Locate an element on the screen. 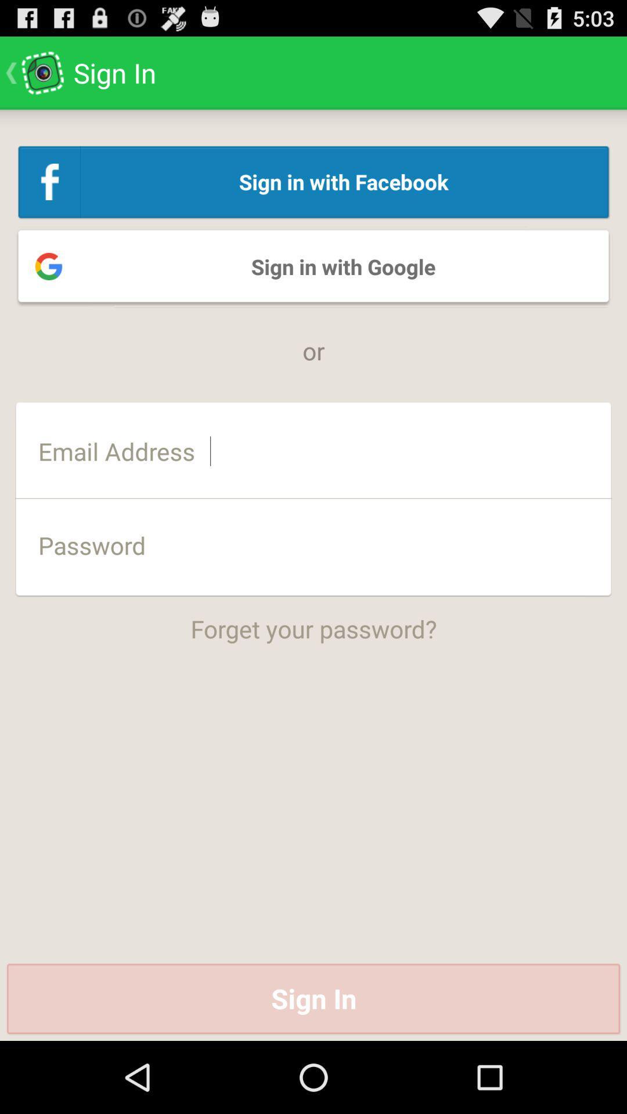 This screenshot has width=627, height=1114. app below the password app is located at coordinates (313, 620).